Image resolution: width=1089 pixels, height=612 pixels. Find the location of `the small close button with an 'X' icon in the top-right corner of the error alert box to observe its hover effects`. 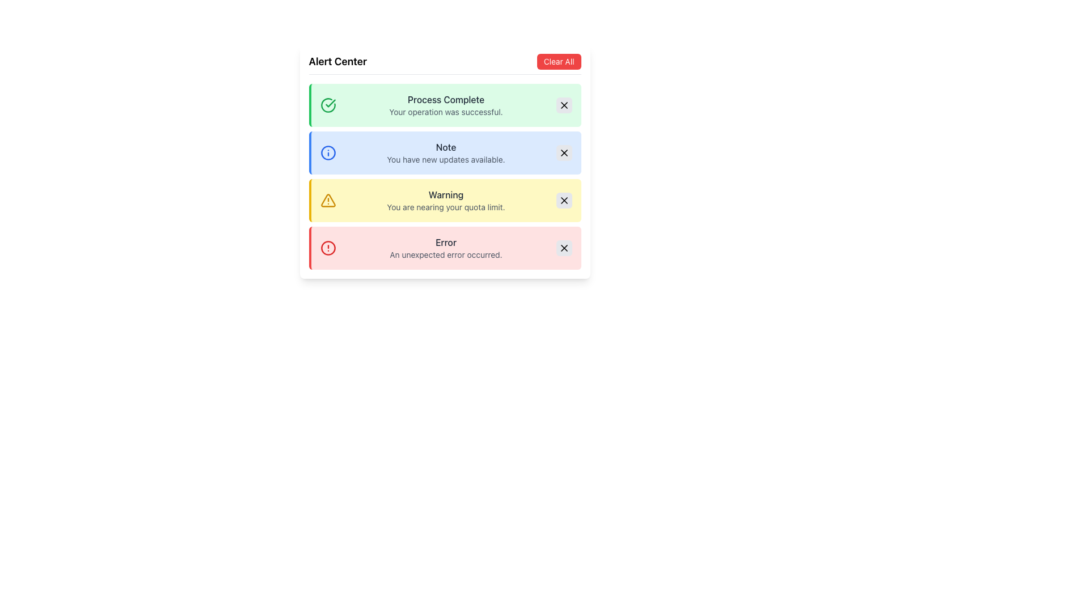

the small close button with an 'X' icon in the top-right corner of the error alert box to observe its hover effects is located at coordinates (564, 248).